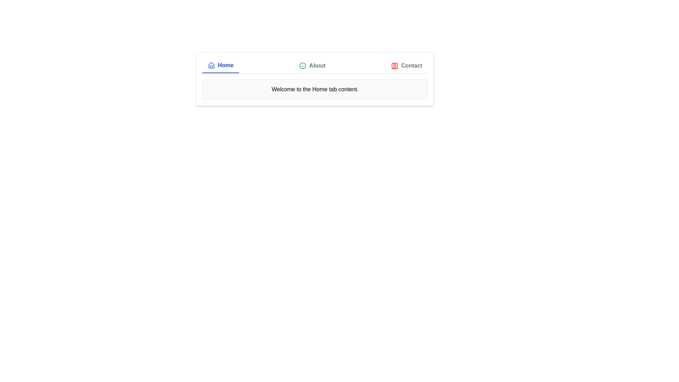 Image resolution: width=679 pixels, height=382 pixels. Describe the element at coordinates (407, 65) in the screenshot. I see `the 'Contact' menu item, which is the third item in the horizontal navigation bar and features a red circular calendar icon on its left side` at that location.